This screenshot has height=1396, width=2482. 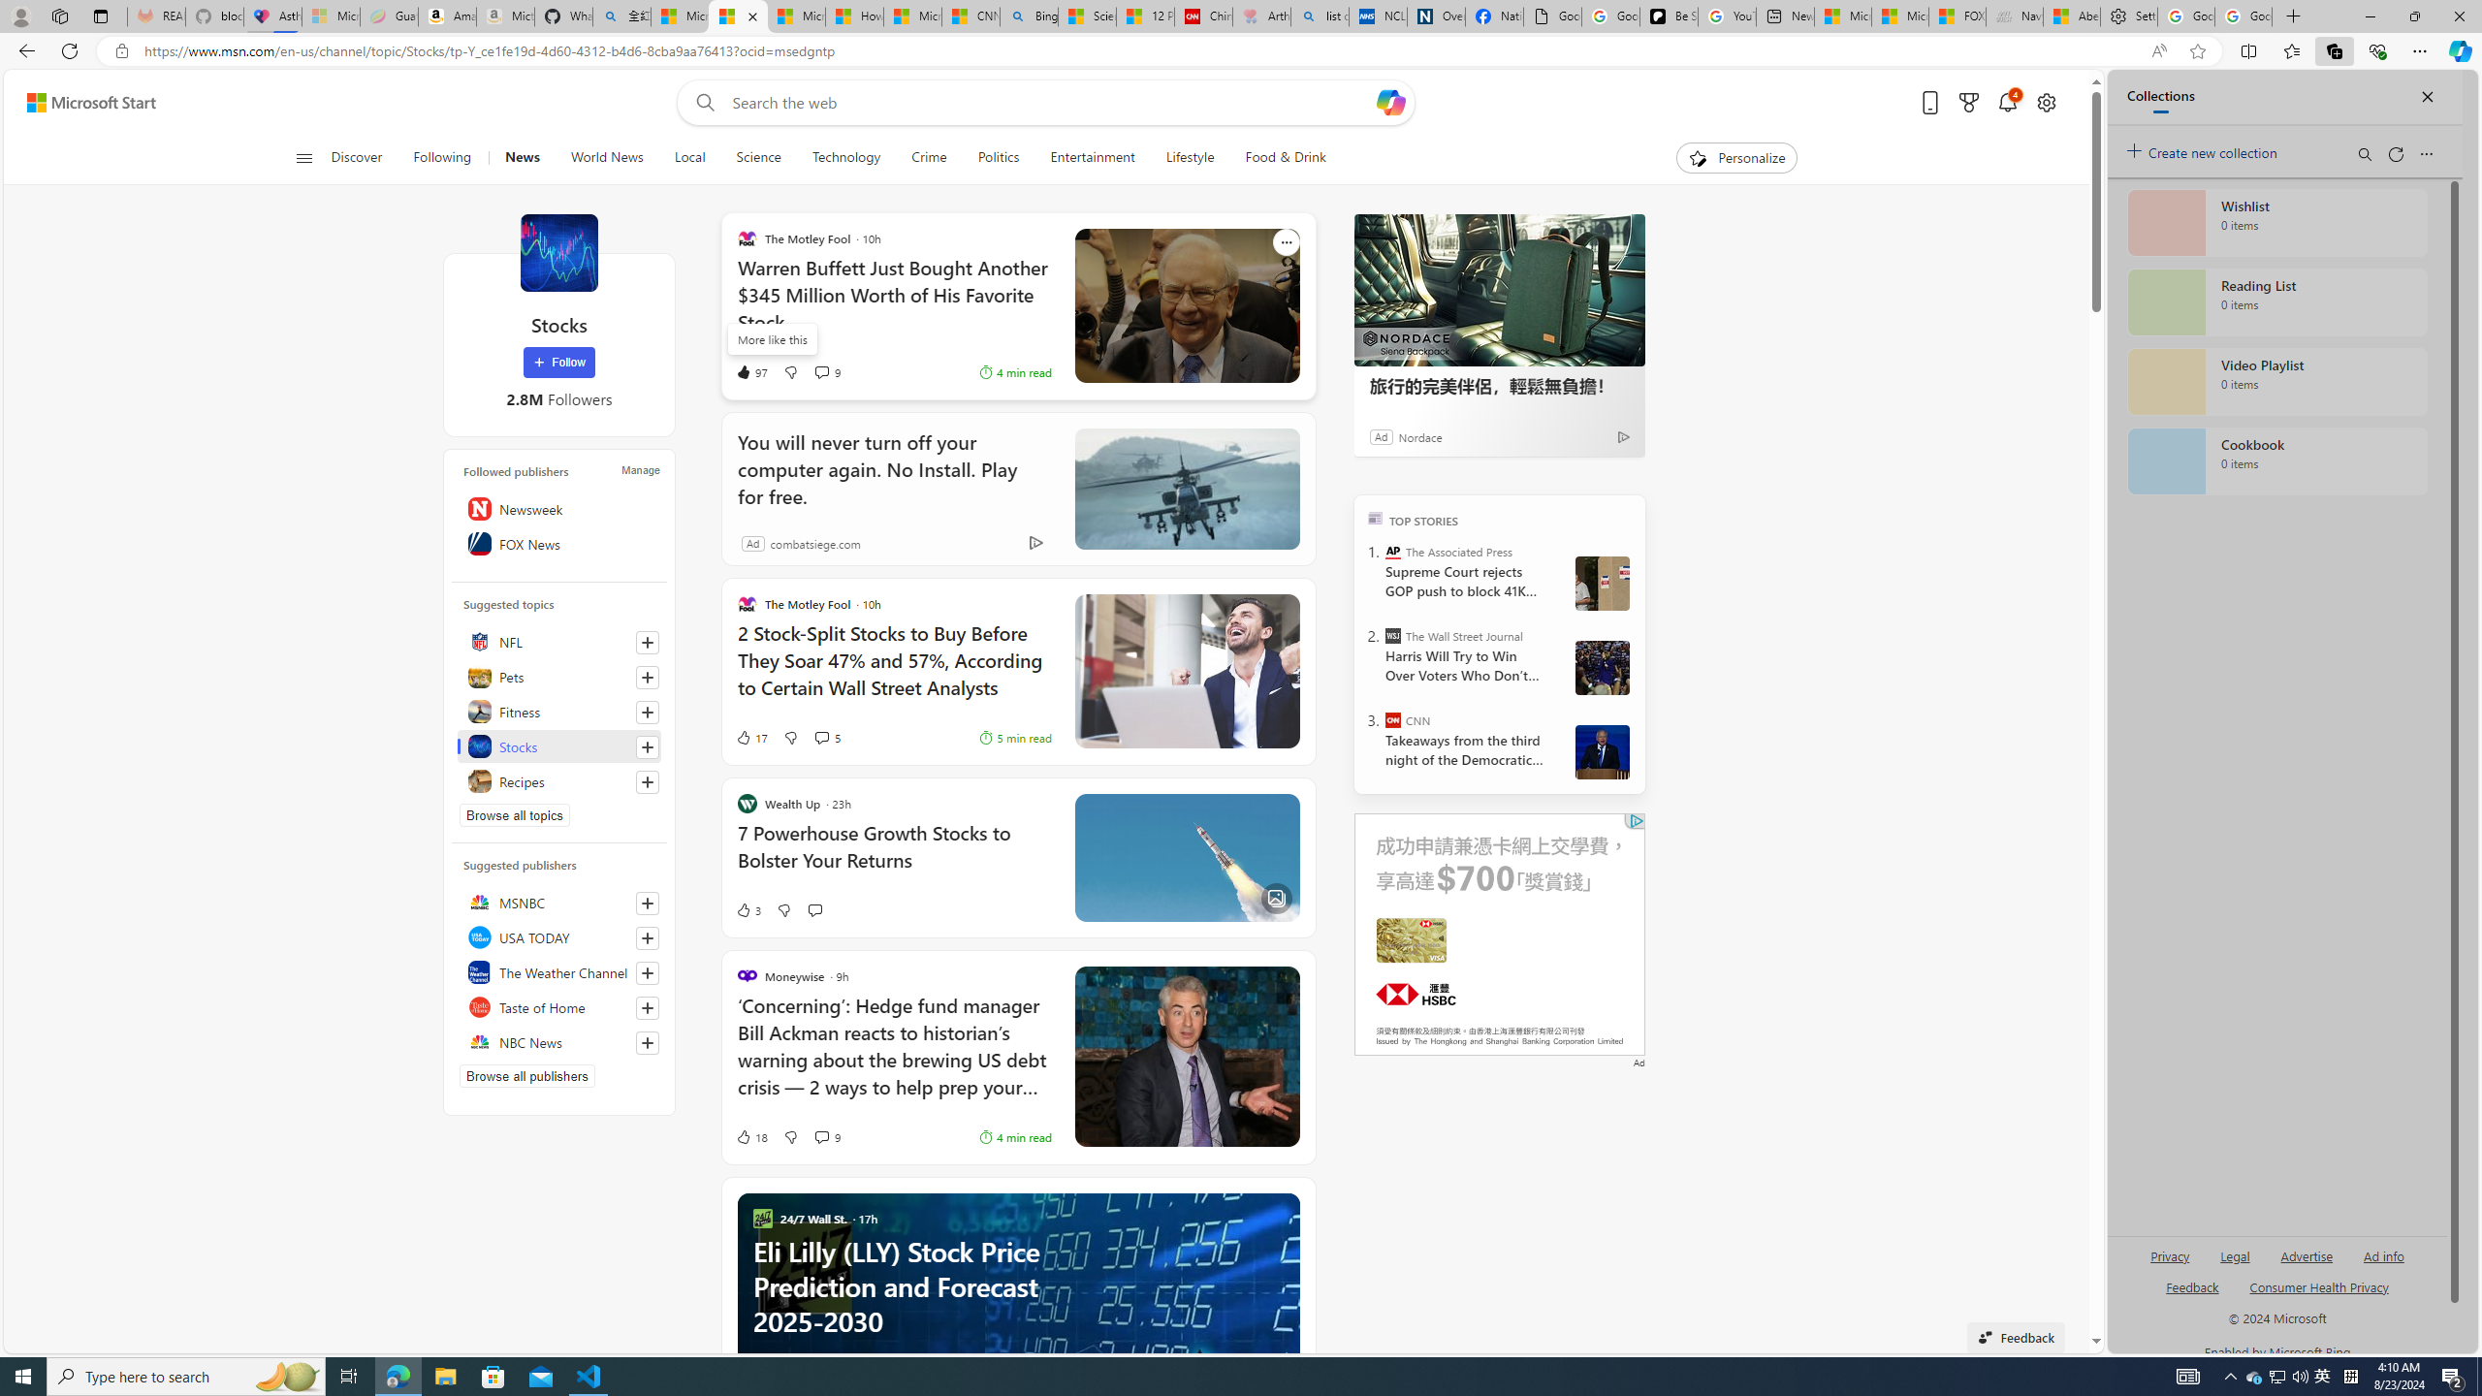 I want to click on 'The Wall Street Journal', so click(x=1391, y=634).